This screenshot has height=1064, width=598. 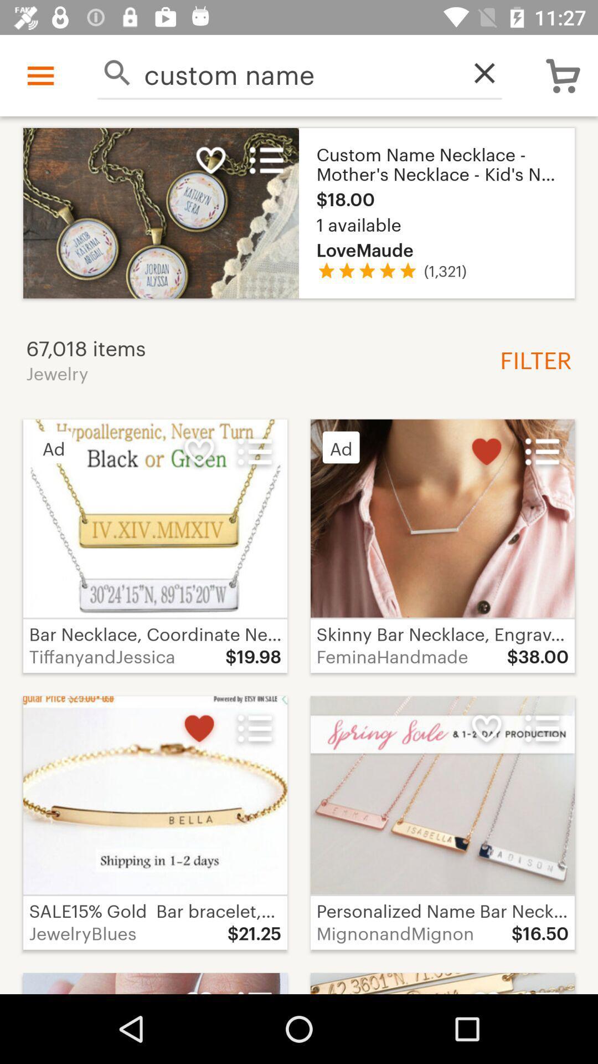 What do you see at coordinates (531, 359) in the screenshot?
I see `the icon to the right of 67,018 items icon` at bounding box center [531, 359].